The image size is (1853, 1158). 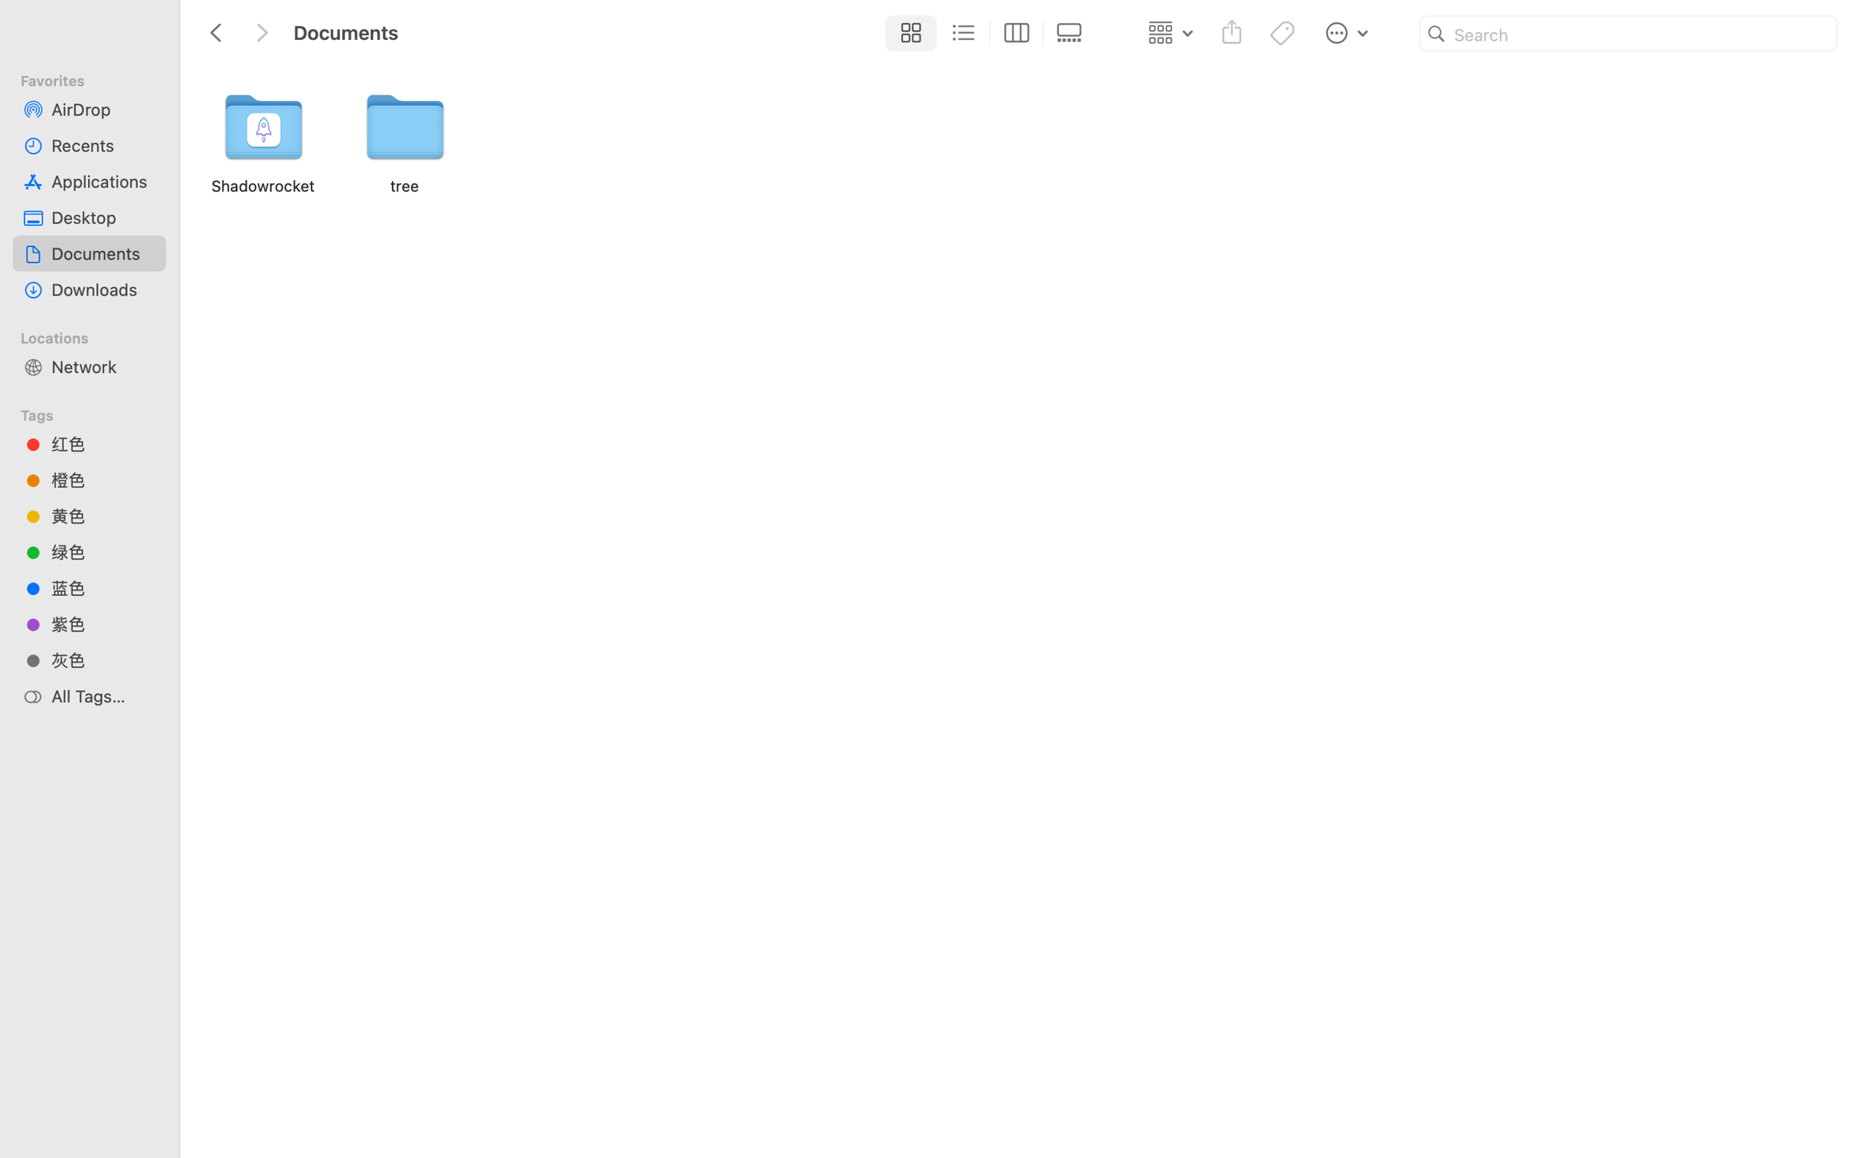 What do you see at coordinates (103, 443) in the screenshot?
I see `'红色'` at bounding box center [103, 443].